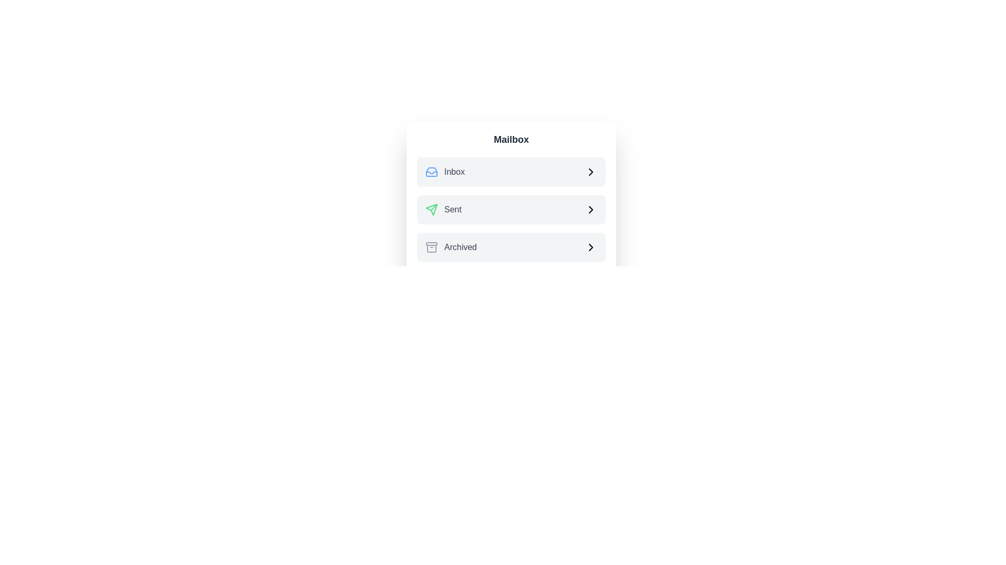 Image resolution: width=1006 pixels, height=565 pixels. I want to click on the Text header that indicates the purpose or content of the card, located at the top of the card layout, so click(511, 139).